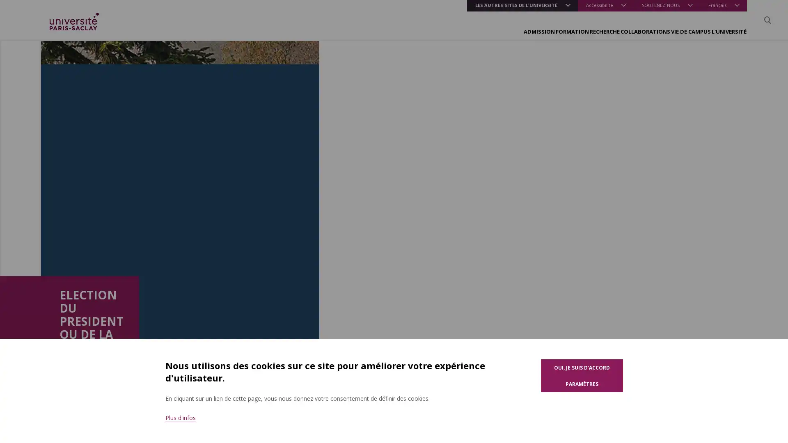 This screenshot has height=443, width=788. I want to click on Parametres des cookies, so click(581, 390).